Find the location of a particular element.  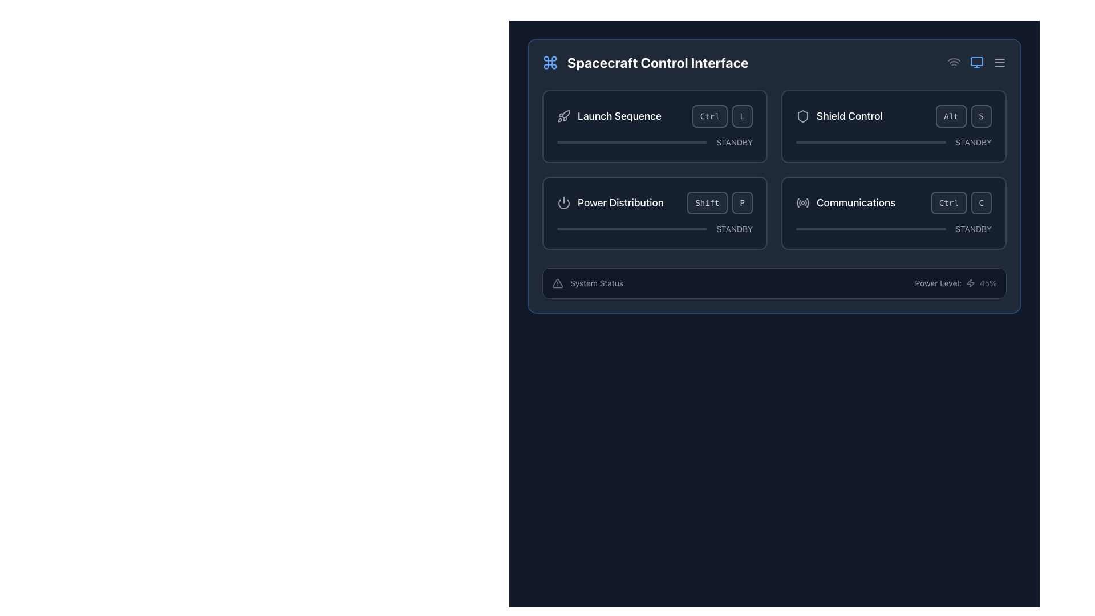

the 'Alt' button in the 'Shield Control' section is located at coordinates (950, 116).